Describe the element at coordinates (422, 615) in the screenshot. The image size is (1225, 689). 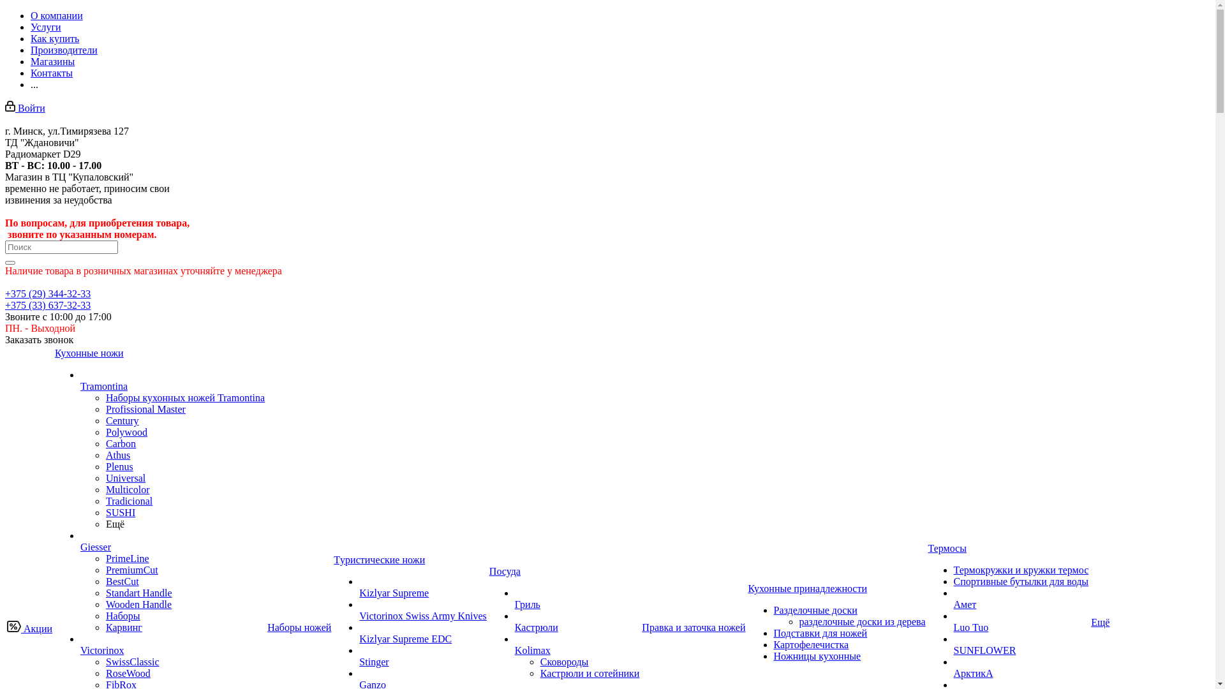
I see `'Victorinox Swiss Army Knives'` at that location.